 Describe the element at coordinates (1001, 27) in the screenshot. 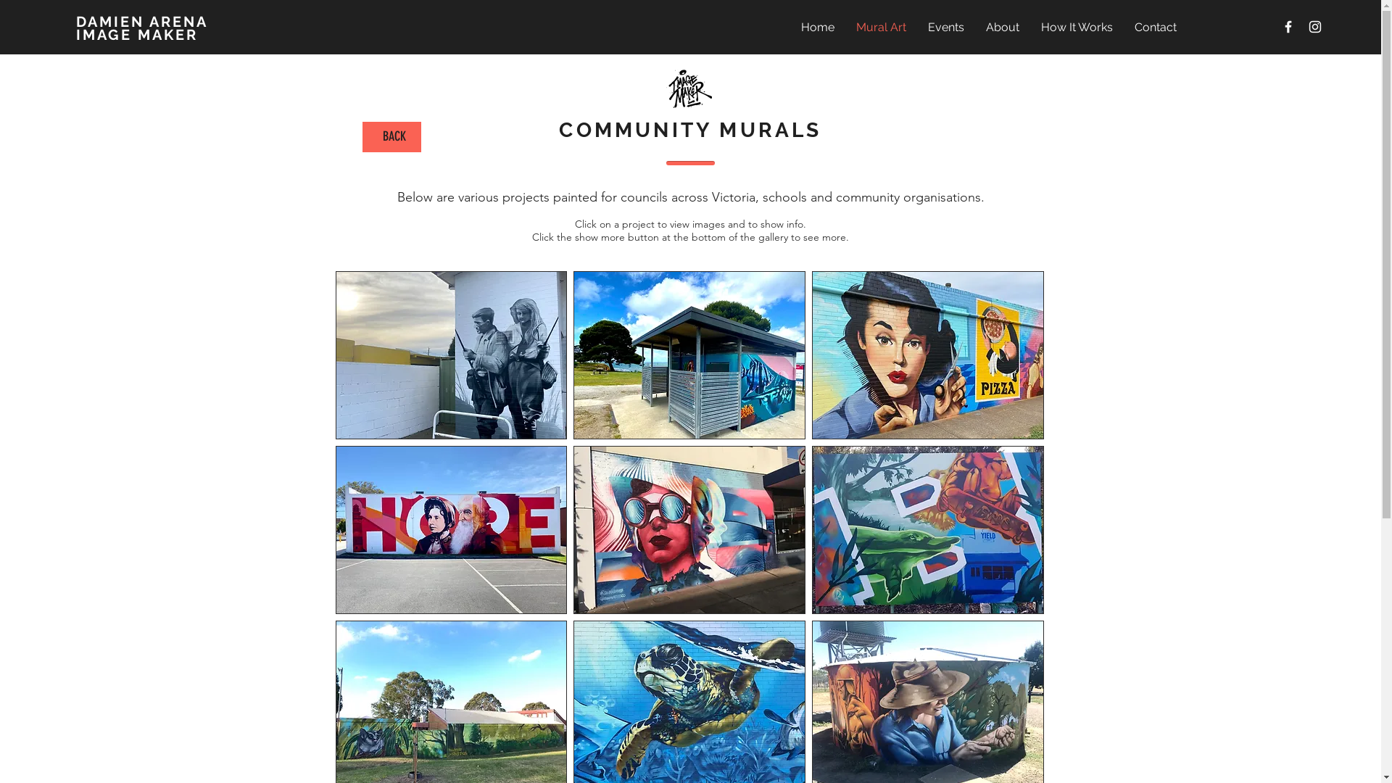

I see `'About'` at that location.